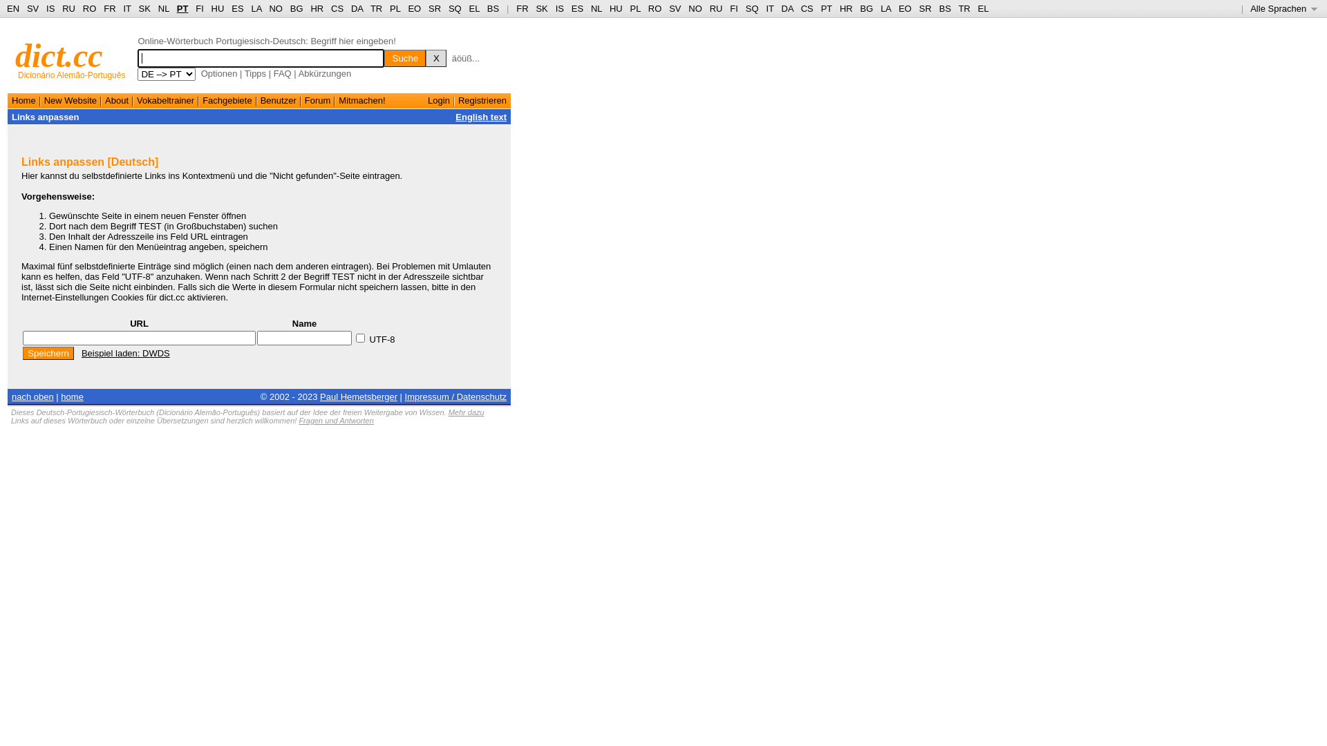 The image size is (1327, 746). I want to click on 'Optionen', so click(200, 73).